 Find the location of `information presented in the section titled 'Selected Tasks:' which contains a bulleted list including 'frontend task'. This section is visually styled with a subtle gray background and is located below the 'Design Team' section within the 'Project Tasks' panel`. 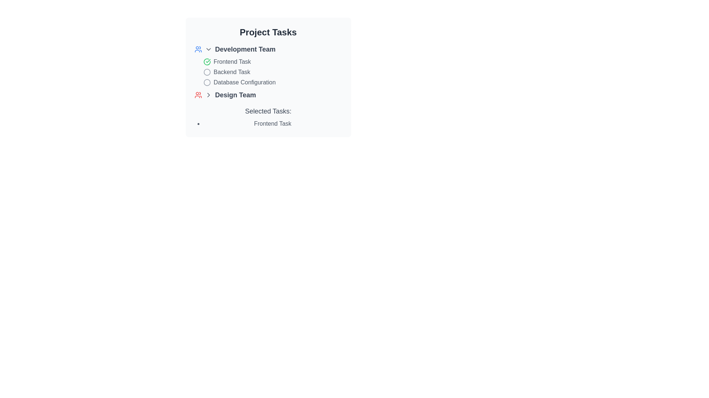

information presented in the section titled 'Selected Tasks:' which contains a bulleted list including 'frontend task'. This section is visually styled with a subtle gray background and is located below the 'Design Team' section within the 'Project Tasks' panel is located at coordinates (268, 116).